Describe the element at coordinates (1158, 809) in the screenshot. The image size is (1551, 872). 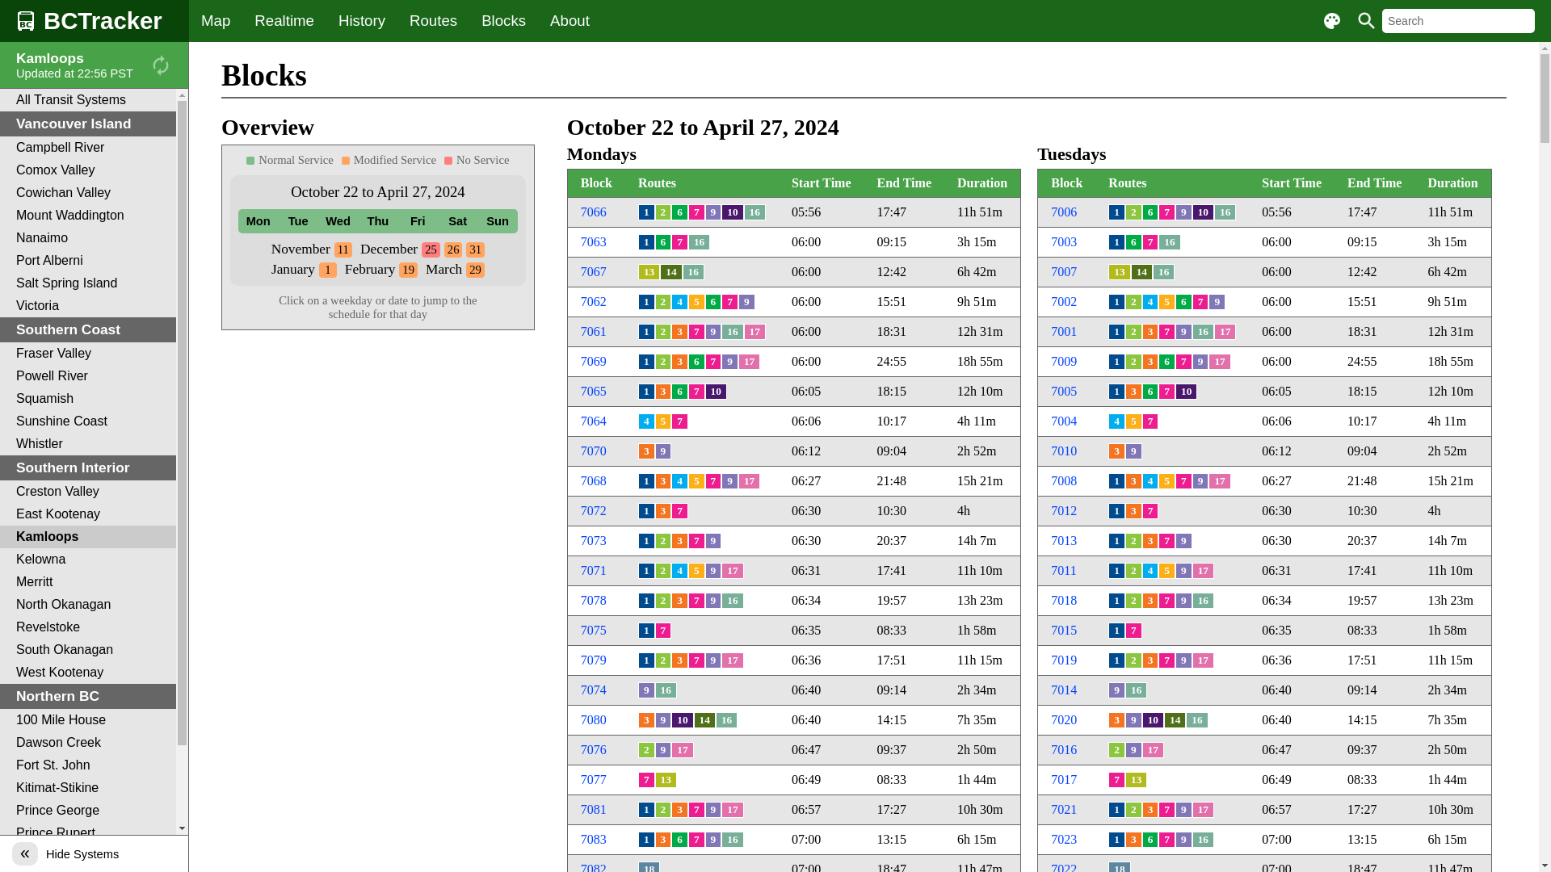
I see `'7'` at that location.